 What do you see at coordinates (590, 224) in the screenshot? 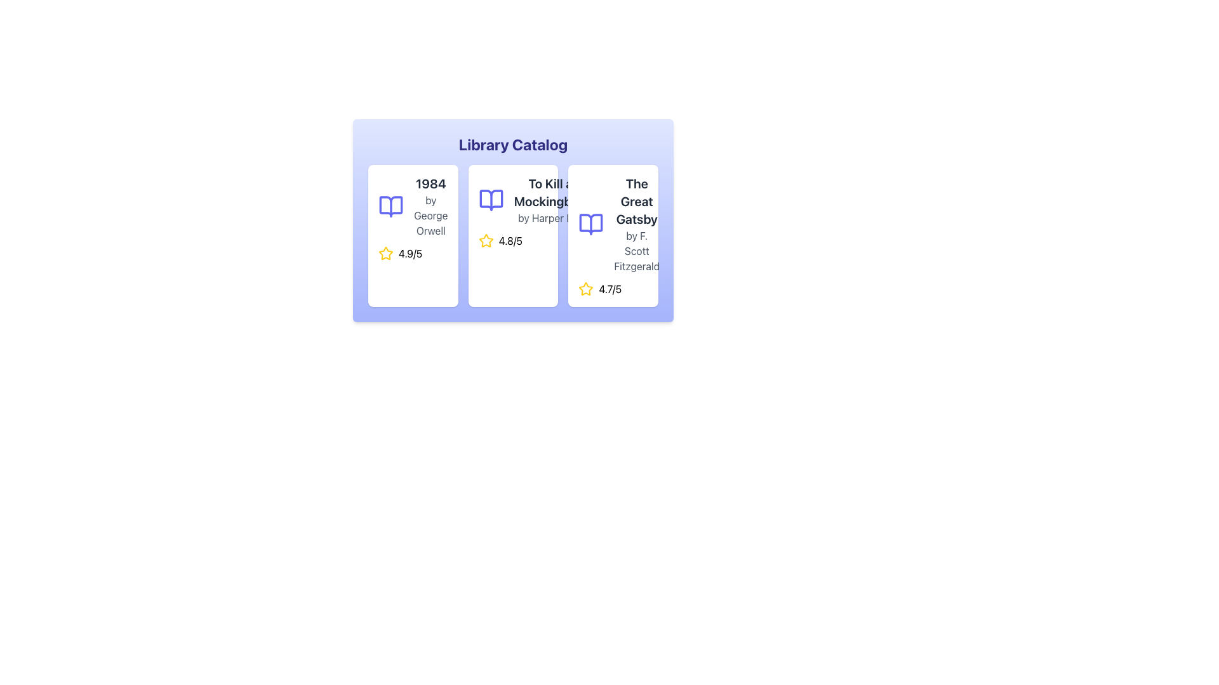
I see `the icon resembling an open book with a blue outline, located in the rightmost card above the text 'The Great Gatsby by F. Scott Fitzgerald'` at bounding box center [590, 224].